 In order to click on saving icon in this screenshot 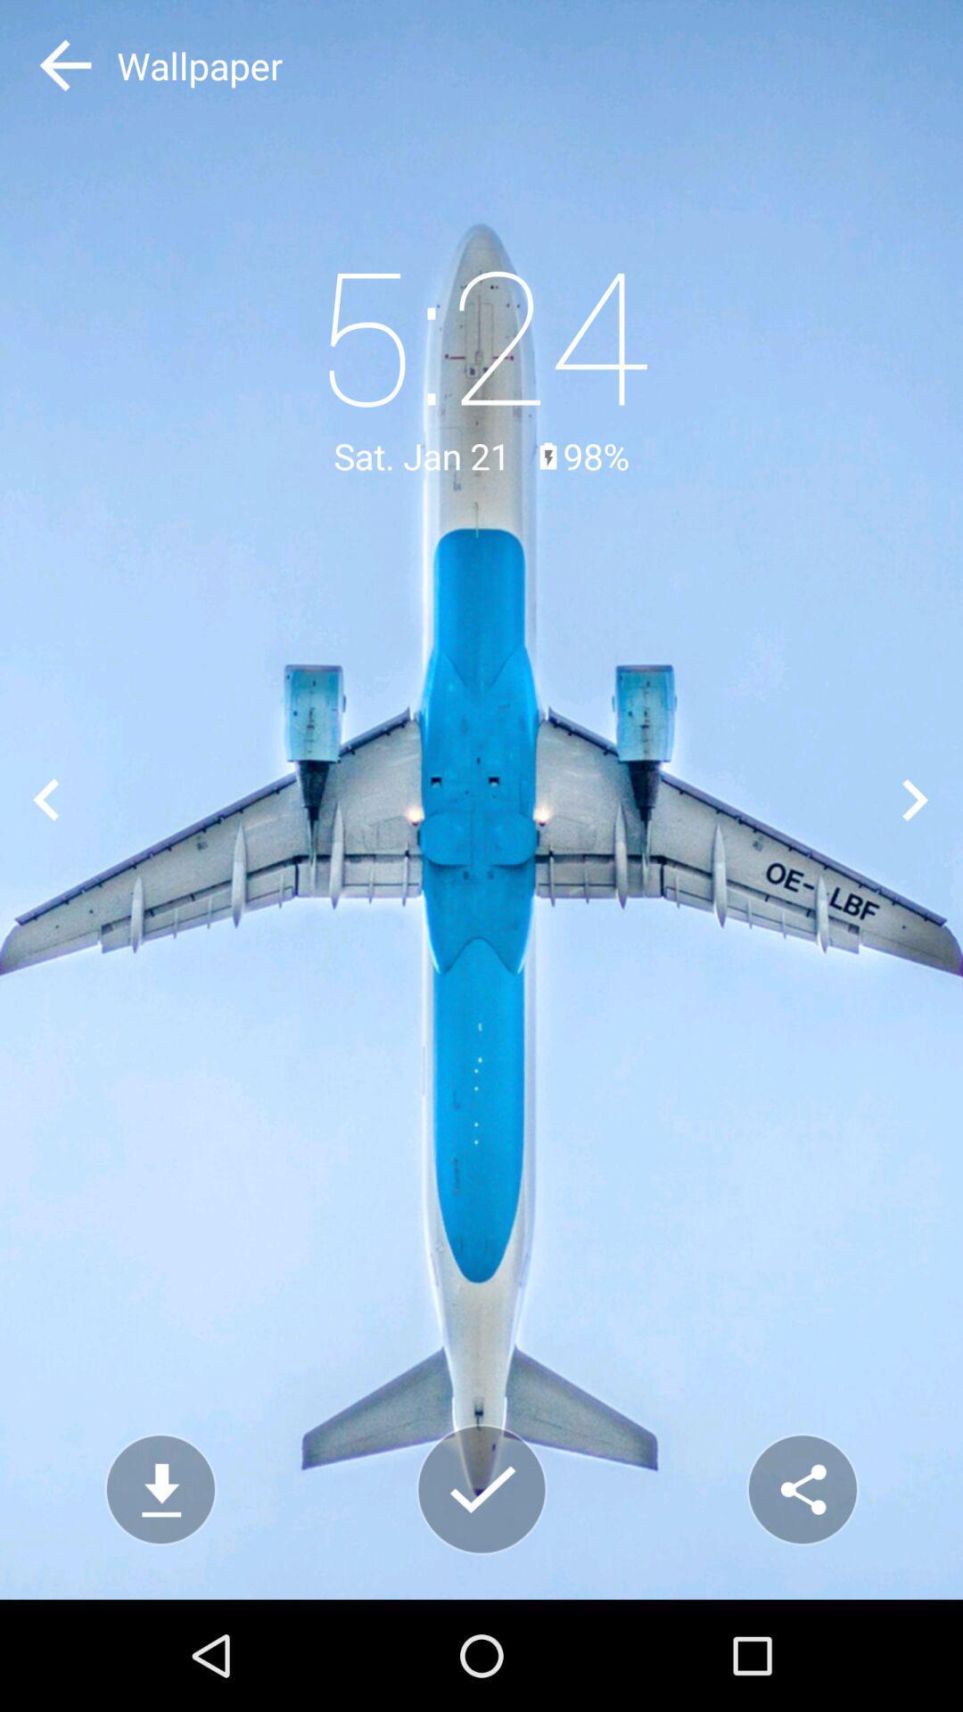, I will do `click(481, 1489)`.